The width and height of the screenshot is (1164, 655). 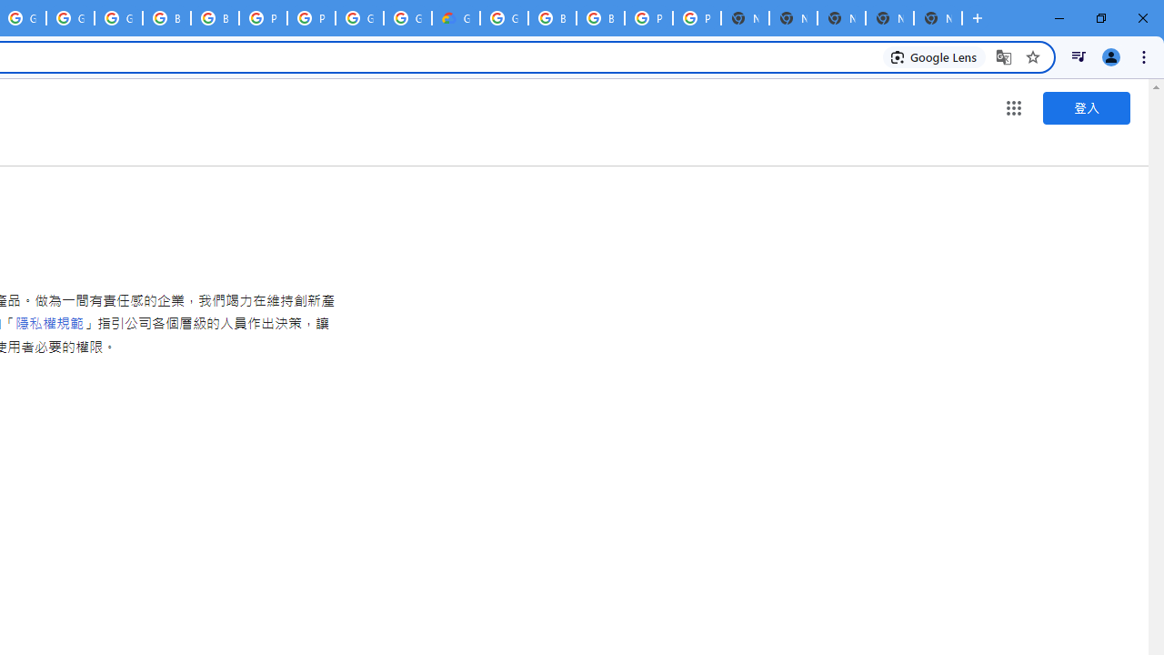 What do you see at coordinates (359, 18) in the screenshot?
I see `'Google Cloud Platform'` at bounding box center [359, 18].